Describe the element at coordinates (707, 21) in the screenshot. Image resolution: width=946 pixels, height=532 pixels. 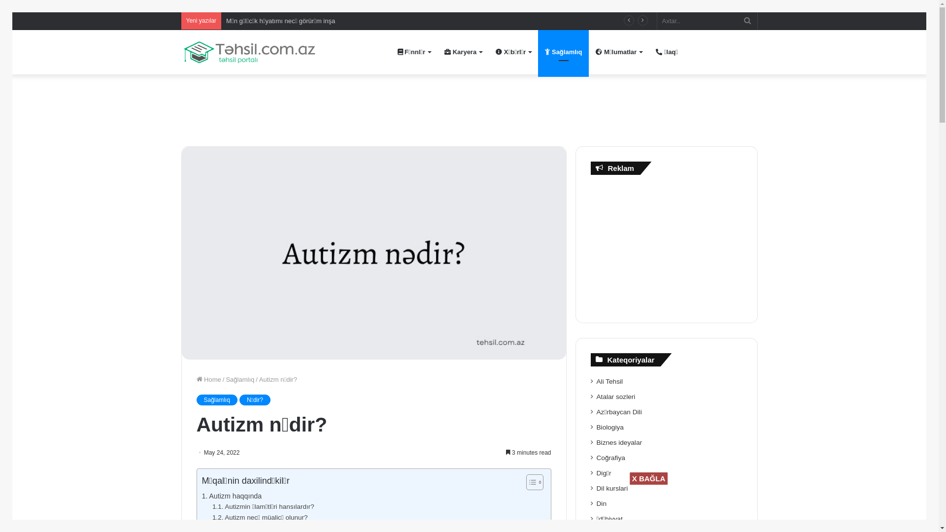
I see `'Axtar..'` at that location.